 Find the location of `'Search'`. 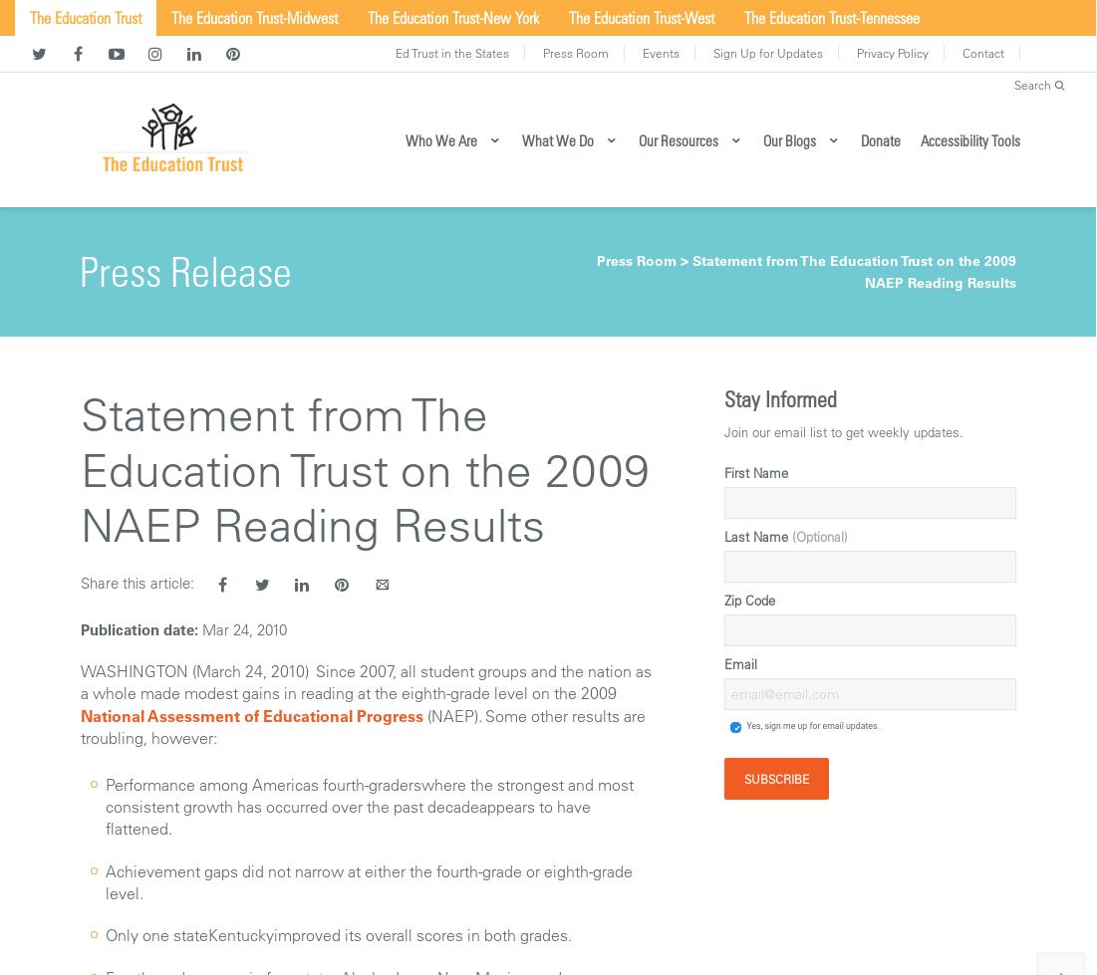

'Search' is located at coordinates (1011, 84).